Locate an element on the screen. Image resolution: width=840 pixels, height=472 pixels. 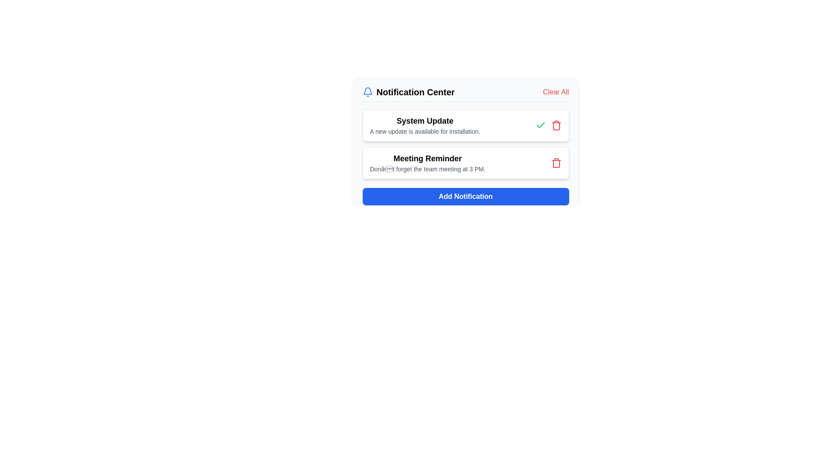
the blue bell icon located in the top-left corner of the 'Notification Center' title section is located at coordinates (367, 92).